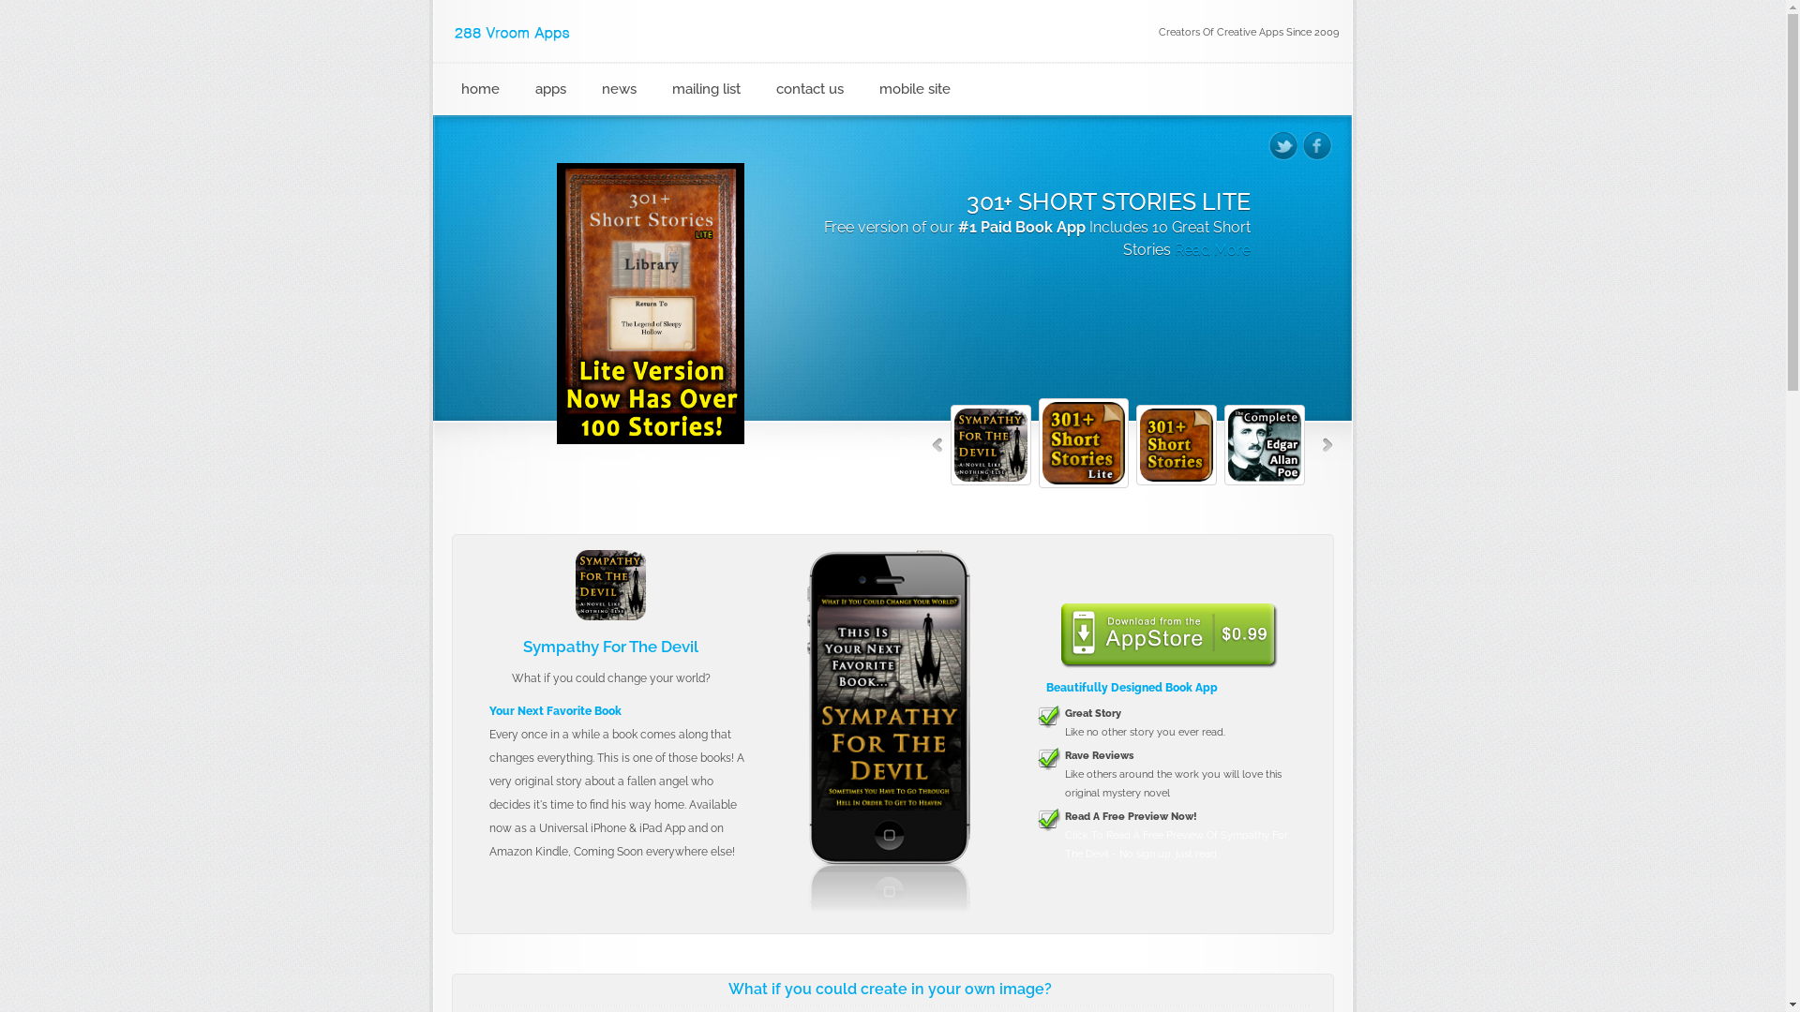 Image resolution: width=1800 pixels, height=1012 pixels. What do you see at coordinates (870, 89) in the screenshot?
I see `'mobile site'` at bounding box center [870, 89].